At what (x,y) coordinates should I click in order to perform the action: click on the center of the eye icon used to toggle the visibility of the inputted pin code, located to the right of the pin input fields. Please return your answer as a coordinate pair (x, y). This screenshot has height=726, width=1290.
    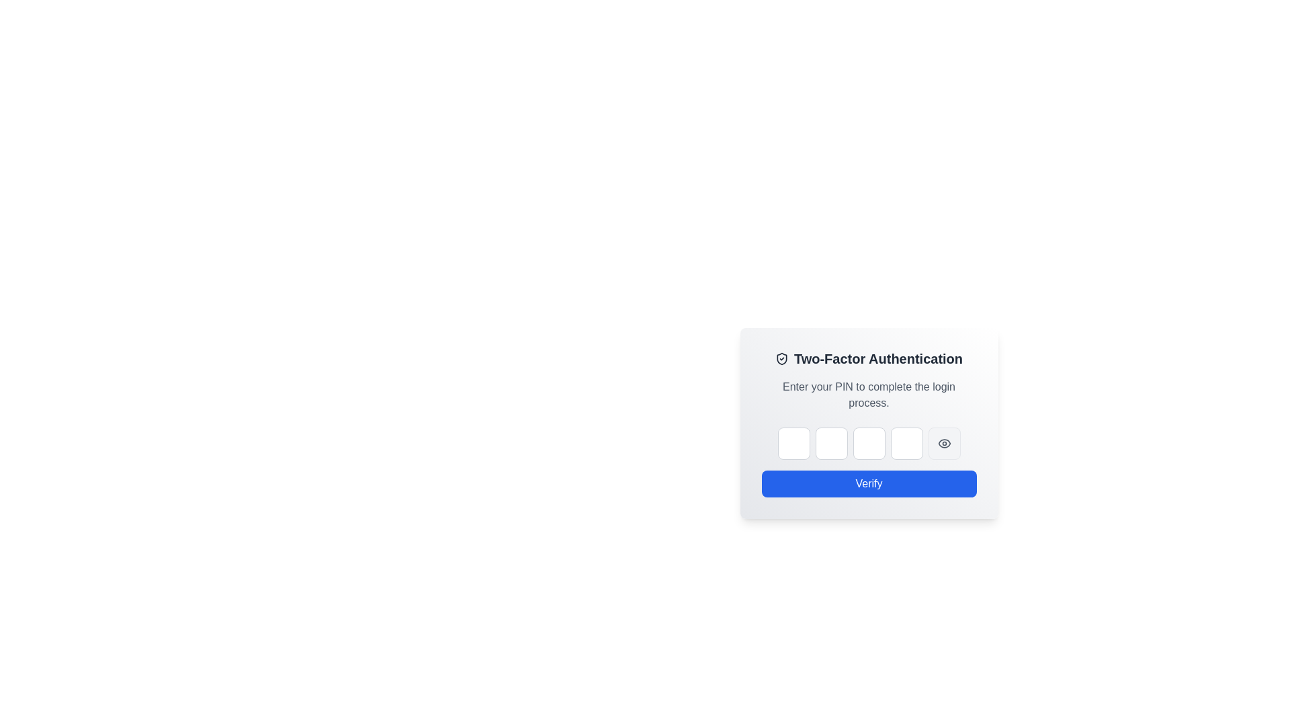
    Looking at the image, I should click on (943, 443).